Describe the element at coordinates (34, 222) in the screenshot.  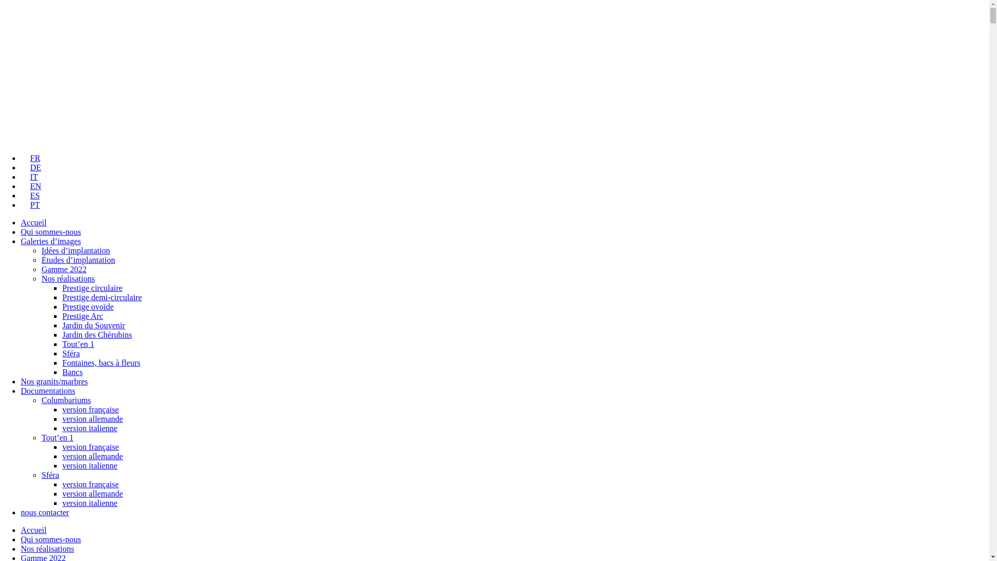
I see `'Accueil'` at that location.